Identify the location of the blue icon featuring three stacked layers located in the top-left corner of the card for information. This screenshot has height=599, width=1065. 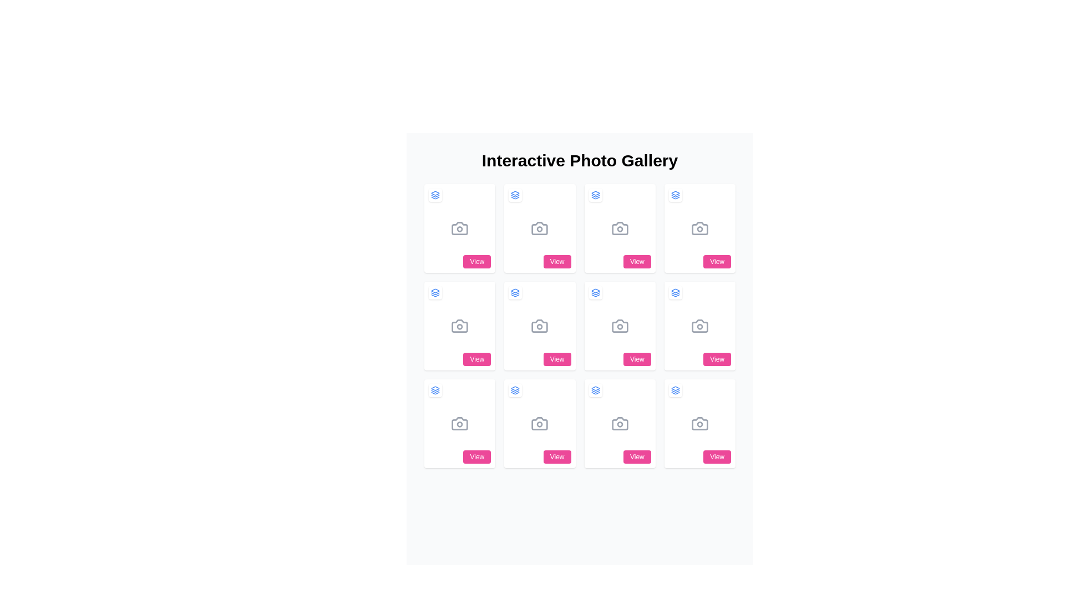
(435, 390).